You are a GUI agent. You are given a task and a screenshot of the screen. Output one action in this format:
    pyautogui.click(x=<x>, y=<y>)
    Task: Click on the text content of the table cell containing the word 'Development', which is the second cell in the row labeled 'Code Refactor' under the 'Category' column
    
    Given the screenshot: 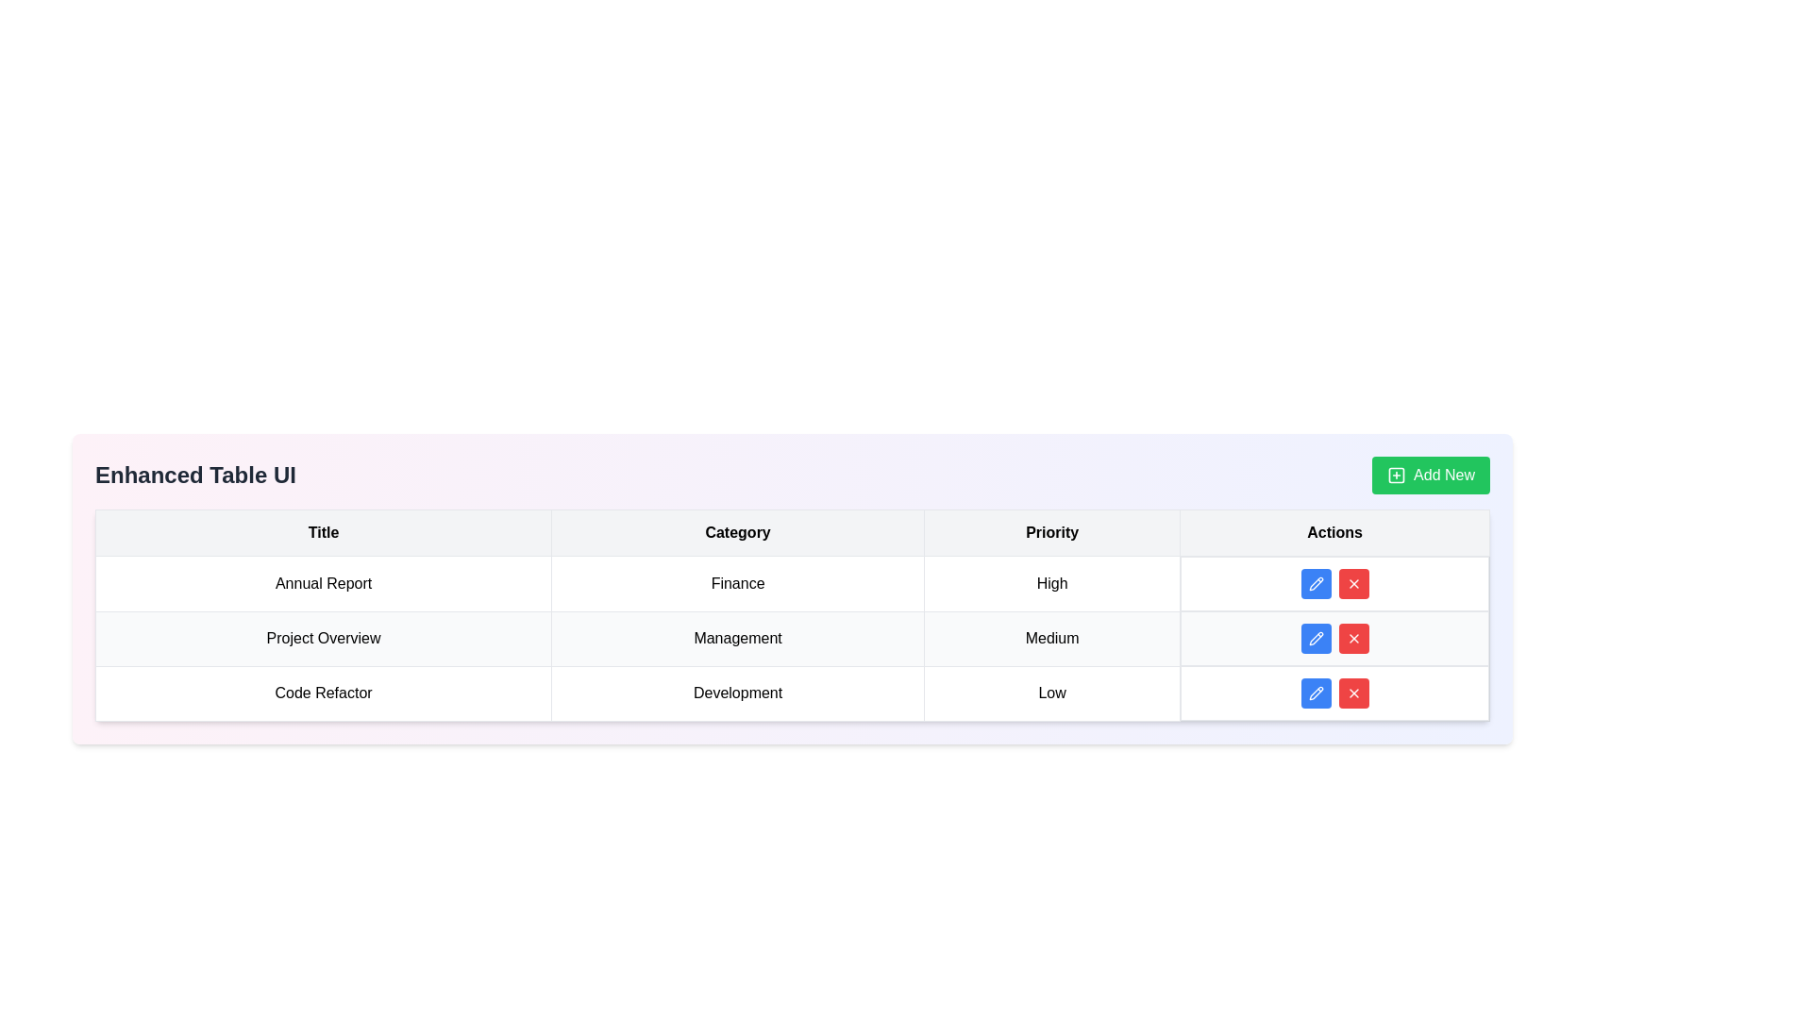 What is the action you would take?
    pyautogui.click(x=737, y=693)
    